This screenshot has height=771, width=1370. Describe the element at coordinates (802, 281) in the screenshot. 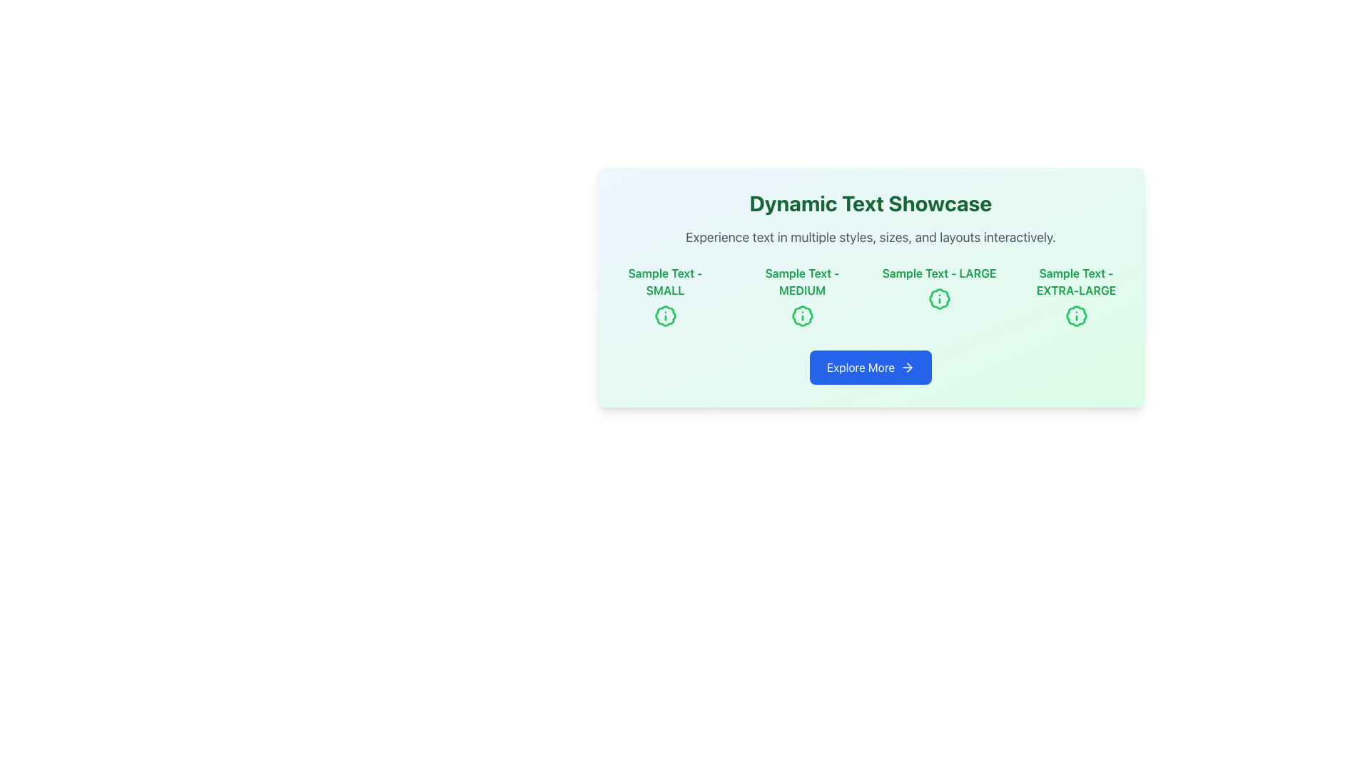

I see `the Text Label displaying 'Sample Text - MEDIUM', which is styled in bold green text and positioned centrally between two other text elements indicating sizes` at that location.